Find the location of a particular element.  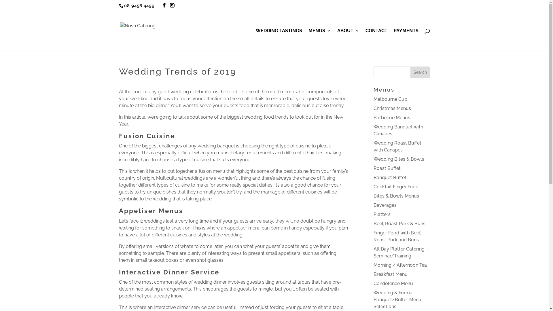

'ABOUT' is located at coordinates (348, 39).